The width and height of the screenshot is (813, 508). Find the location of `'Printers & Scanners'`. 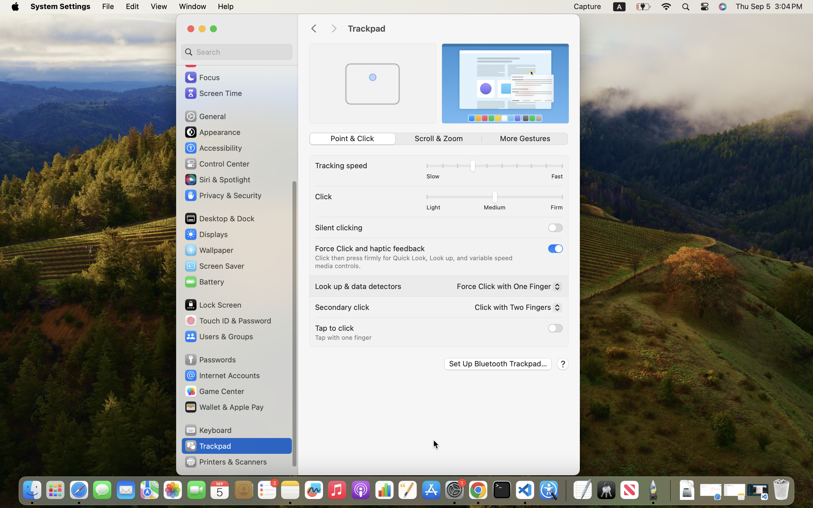

'Printers & Scanners' is located at coordinates (225, 461).